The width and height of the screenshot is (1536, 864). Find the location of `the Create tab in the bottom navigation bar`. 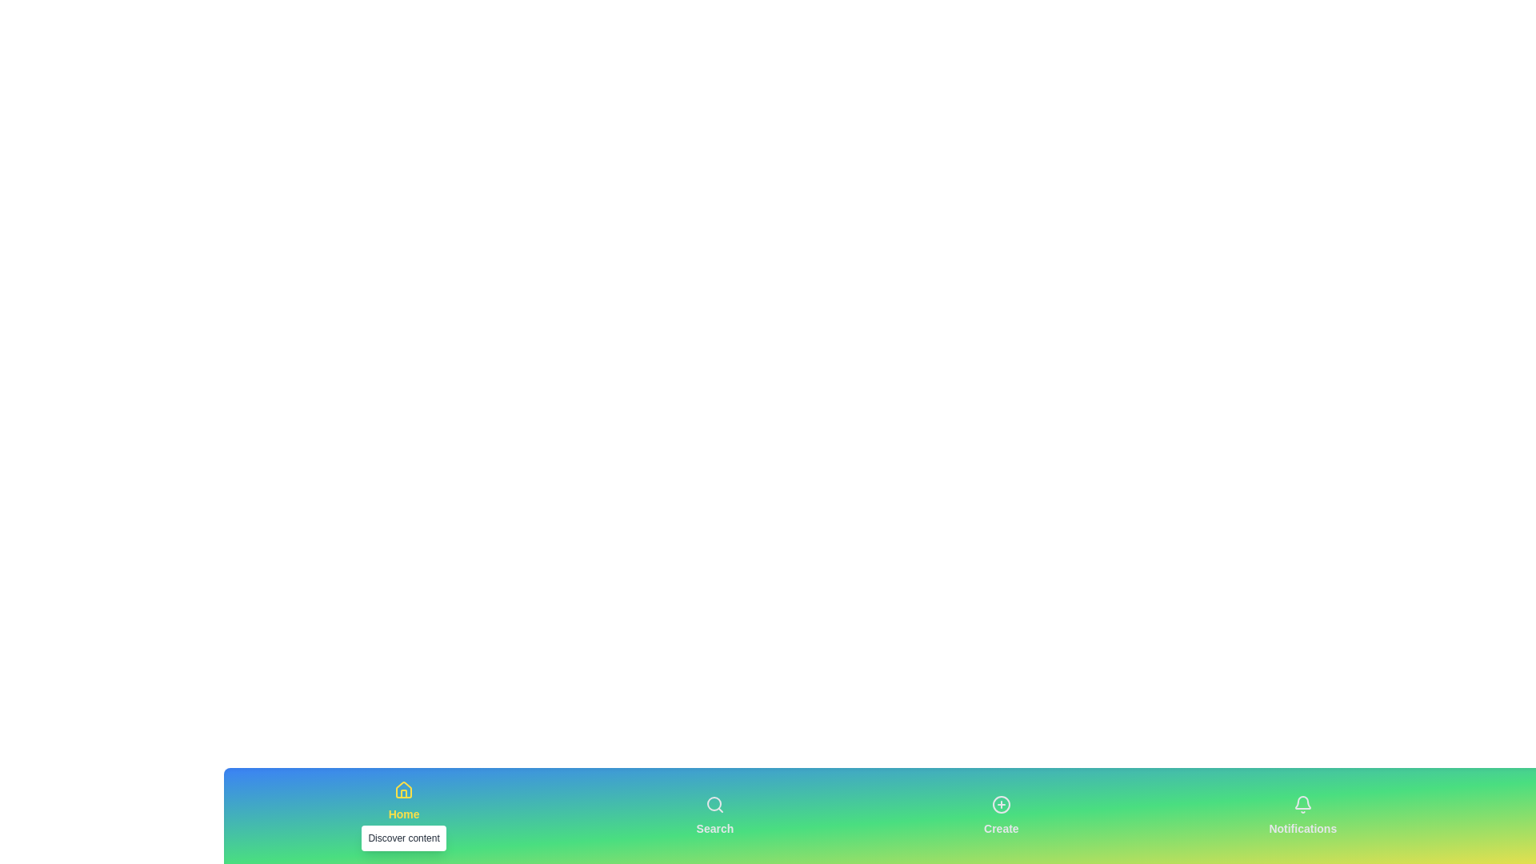

the Create tab in the bottom navigation bar is located at coordinates (1000, 815).